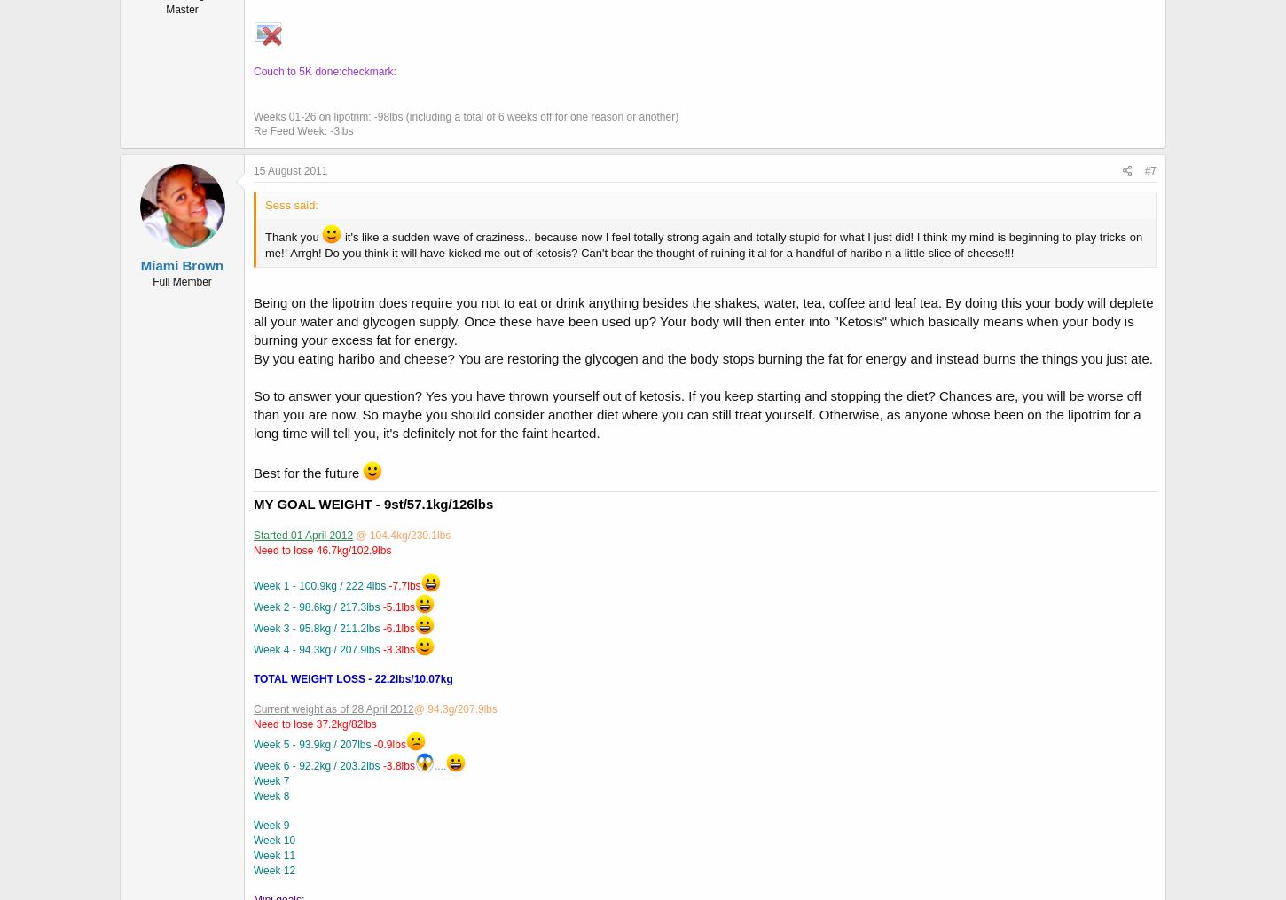  I want to click on '#7', so click(1144, 169).